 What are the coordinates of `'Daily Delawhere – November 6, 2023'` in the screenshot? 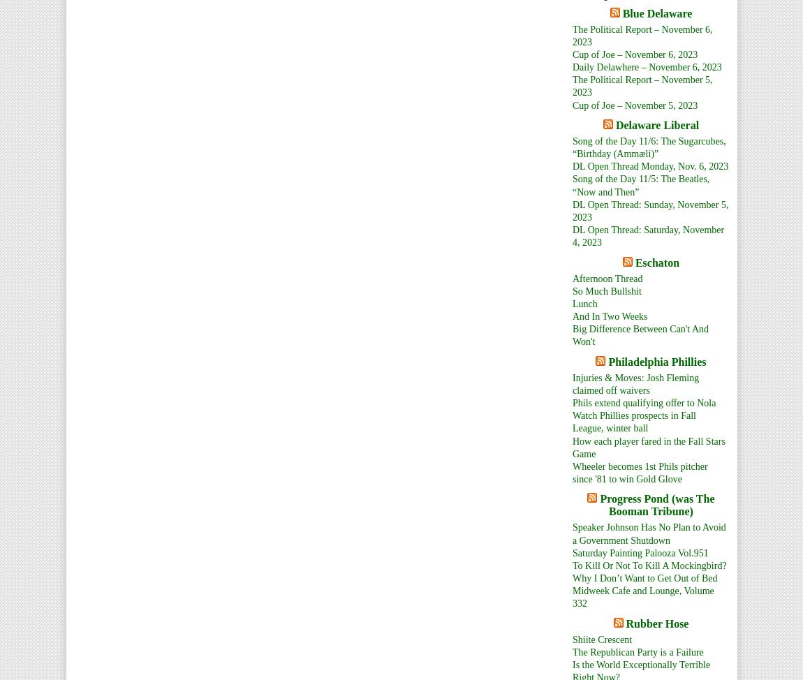 It's located at (647, 66).